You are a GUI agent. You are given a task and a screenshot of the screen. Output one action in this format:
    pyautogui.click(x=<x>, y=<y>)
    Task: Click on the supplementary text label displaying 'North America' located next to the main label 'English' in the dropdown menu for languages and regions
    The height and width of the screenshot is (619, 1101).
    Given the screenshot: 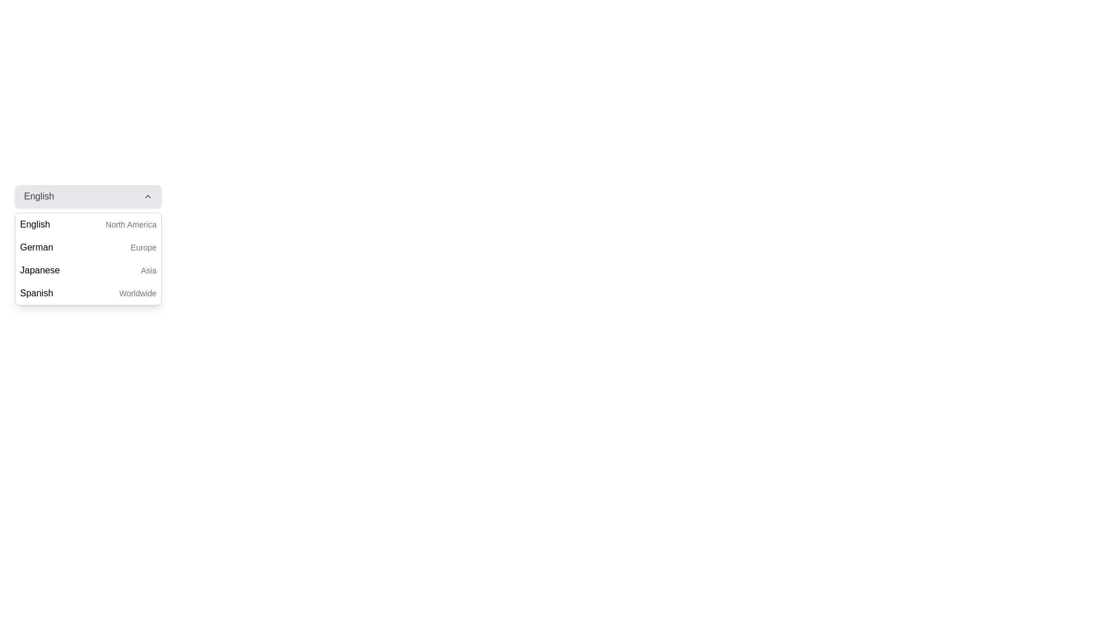 What is the action you would take?
    pyautogui.click(x=131, y=225)
    